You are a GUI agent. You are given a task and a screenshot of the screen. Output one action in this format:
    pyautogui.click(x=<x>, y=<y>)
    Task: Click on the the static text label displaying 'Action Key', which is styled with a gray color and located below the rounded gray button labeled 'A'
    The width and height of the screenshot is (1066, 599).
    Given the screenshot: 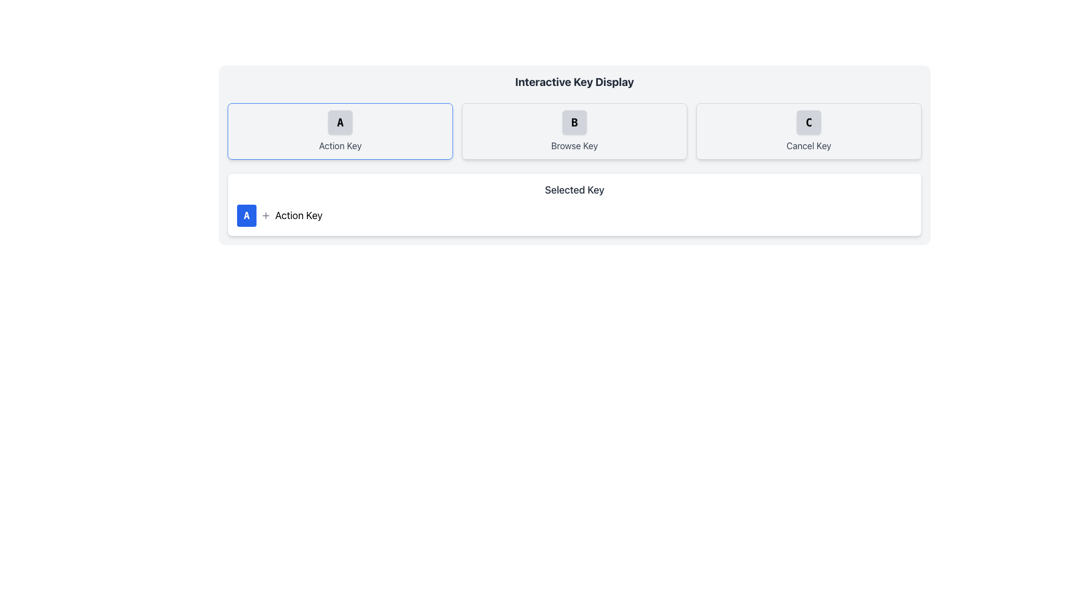 What is the action you would take?
    pyautogui.click(x=340, y=145)
    